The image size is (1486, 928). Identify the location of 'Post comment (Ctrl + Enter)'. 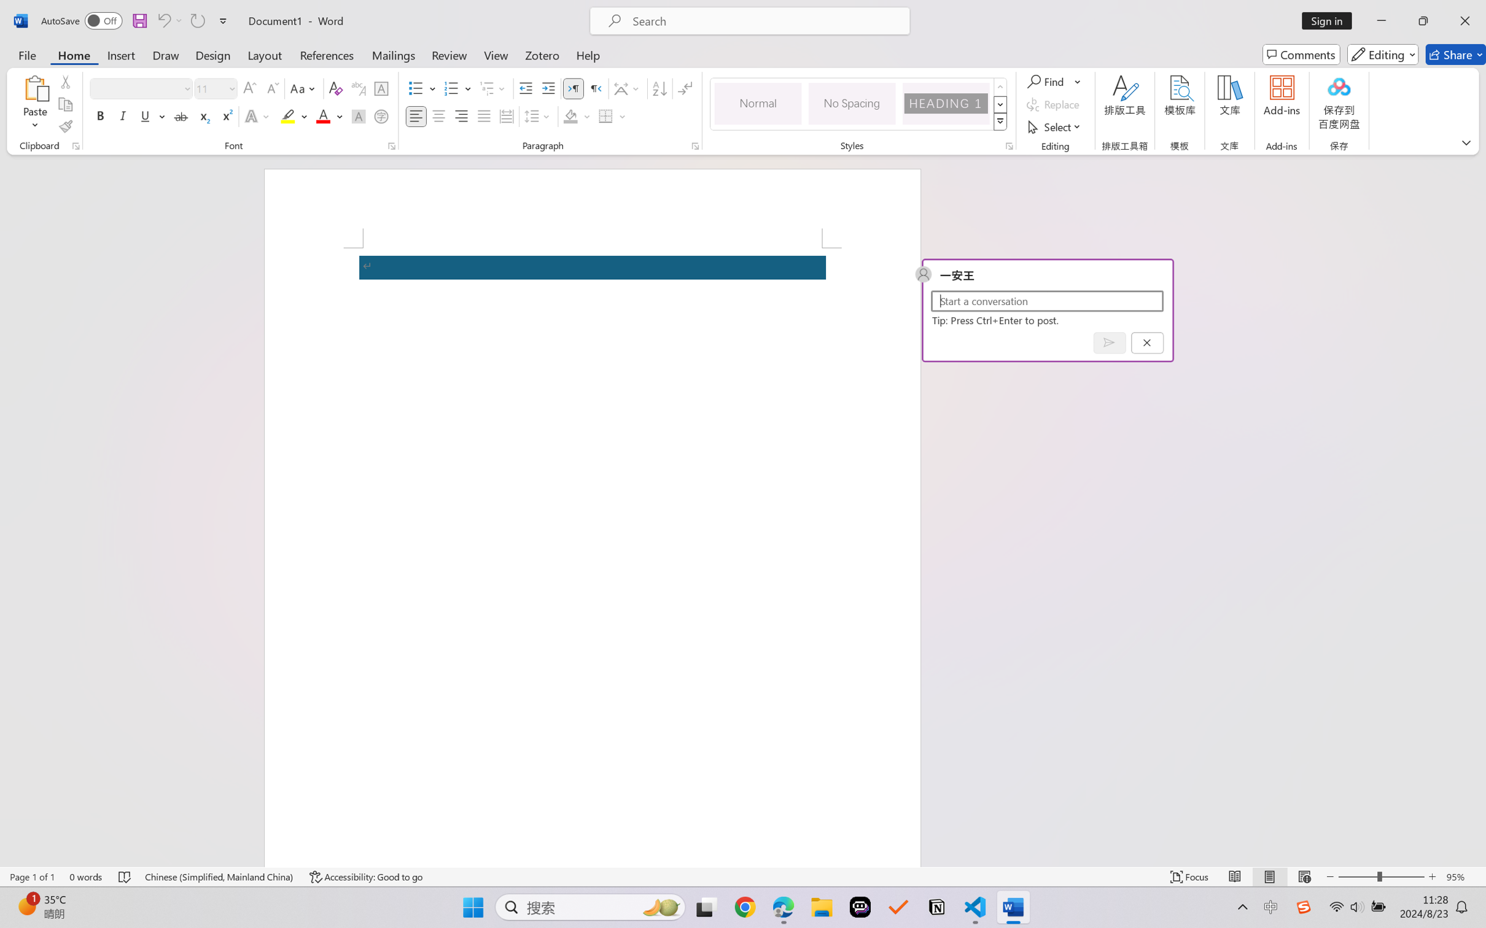
(1109, 342).